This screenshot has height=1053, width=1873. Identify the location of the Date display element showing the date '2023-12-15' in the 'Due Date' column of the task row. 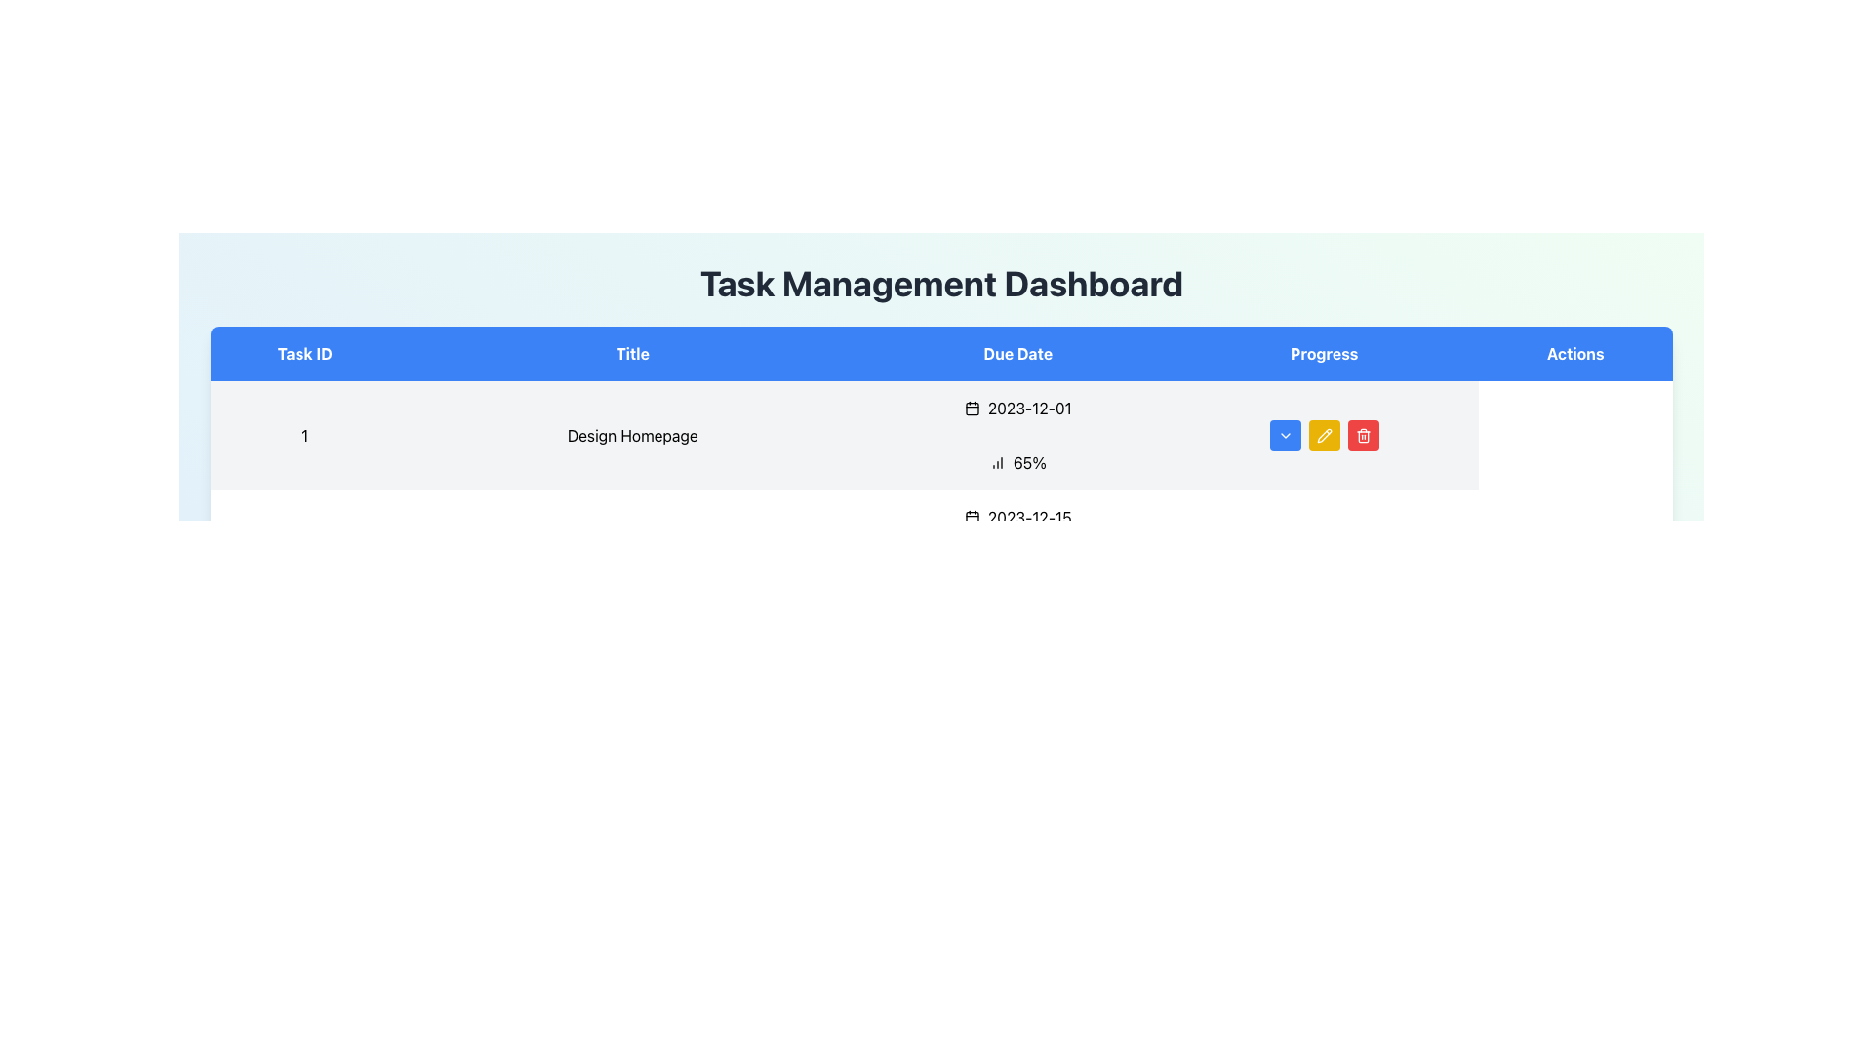
(1016, 517).